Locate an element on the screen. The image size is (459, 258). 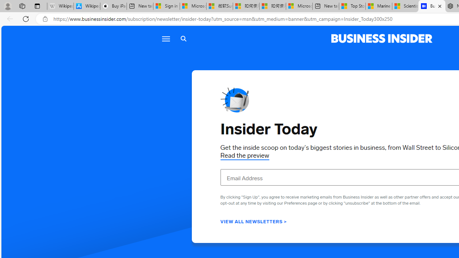
'Read the preview' is located at coordinates (245, 155).